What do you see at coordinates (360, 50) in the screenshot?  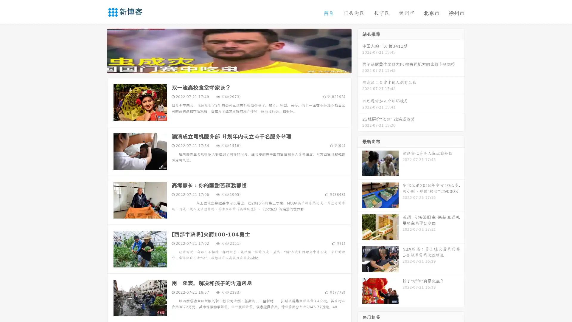 I see `Next slide` at bounding box center [360, 50].